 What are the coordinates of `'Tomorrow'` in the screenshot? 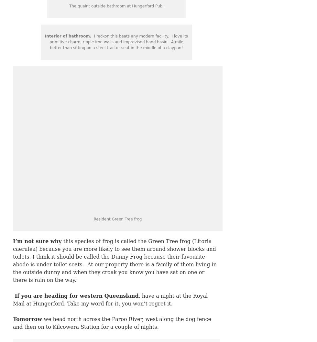 It's located at (28, 319).